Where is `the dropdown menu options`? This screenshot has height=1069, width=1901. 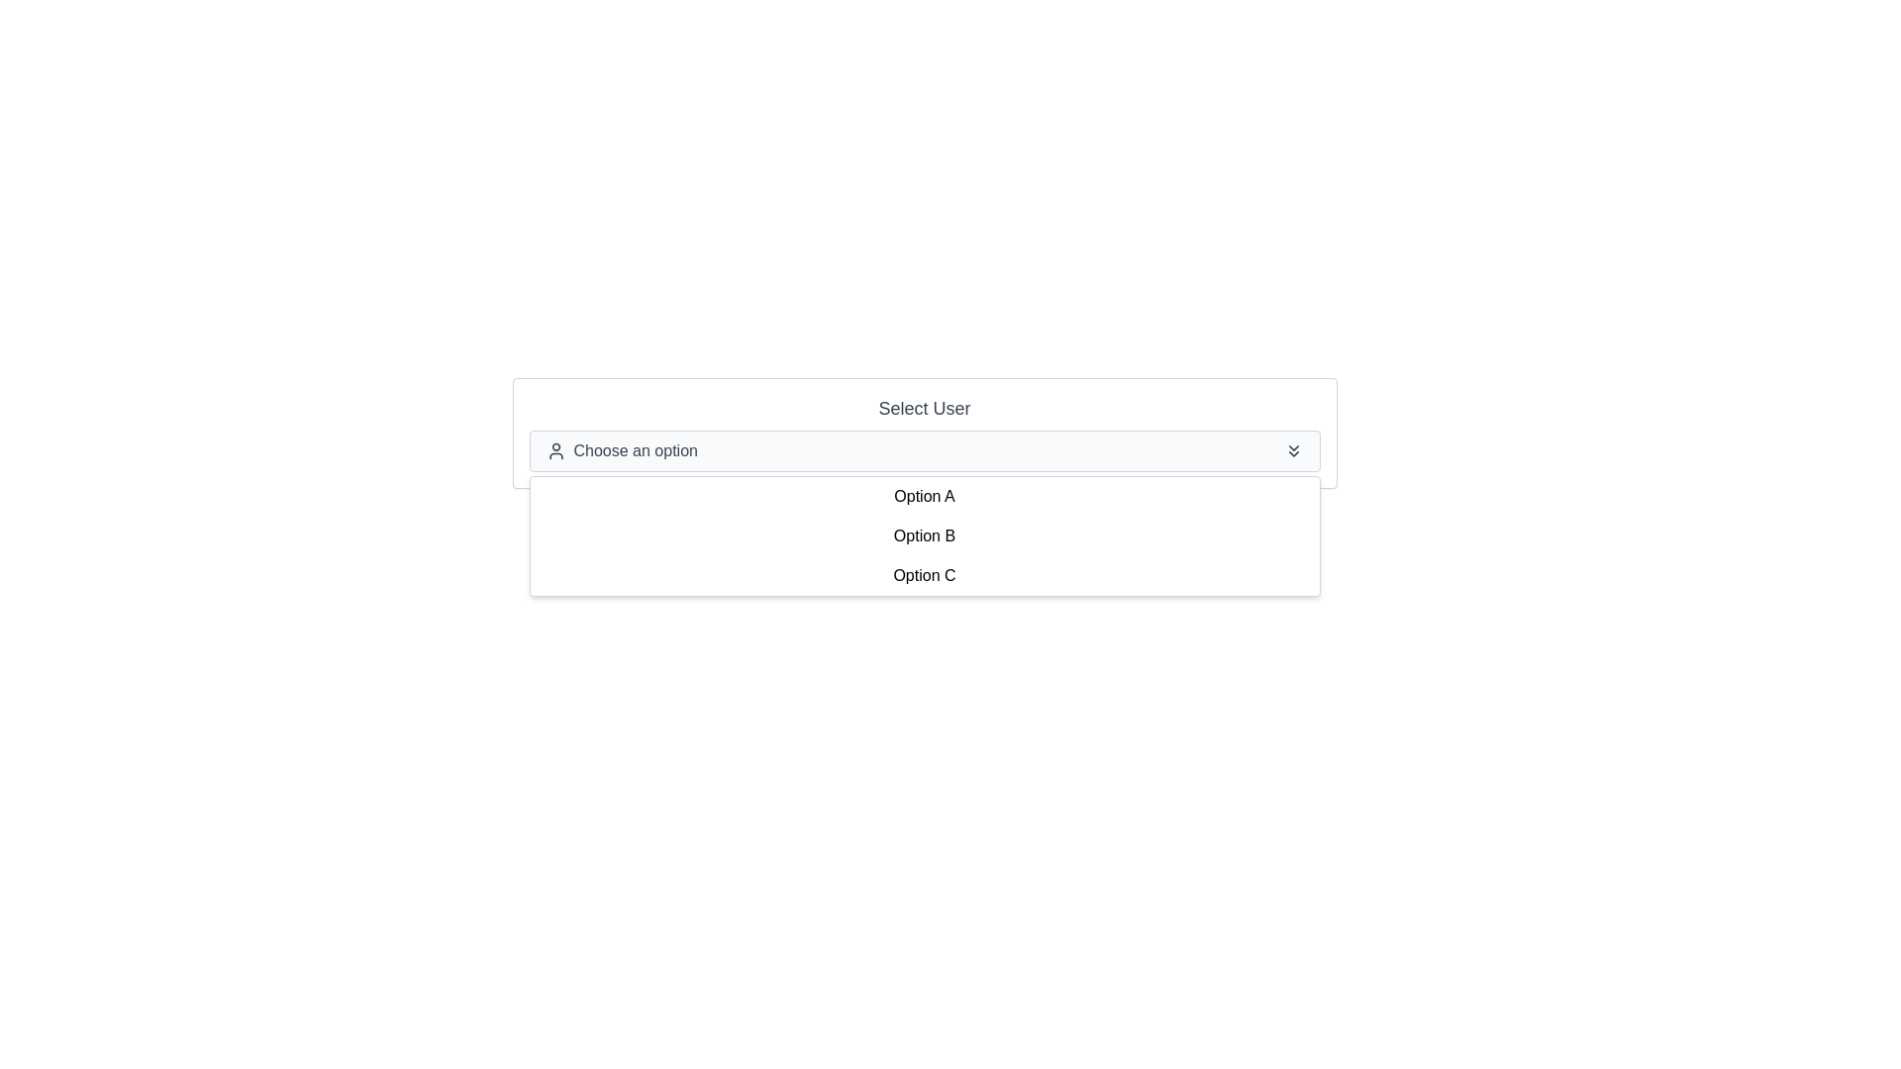
the dropdown menu options is located at coordinates (924, 536).